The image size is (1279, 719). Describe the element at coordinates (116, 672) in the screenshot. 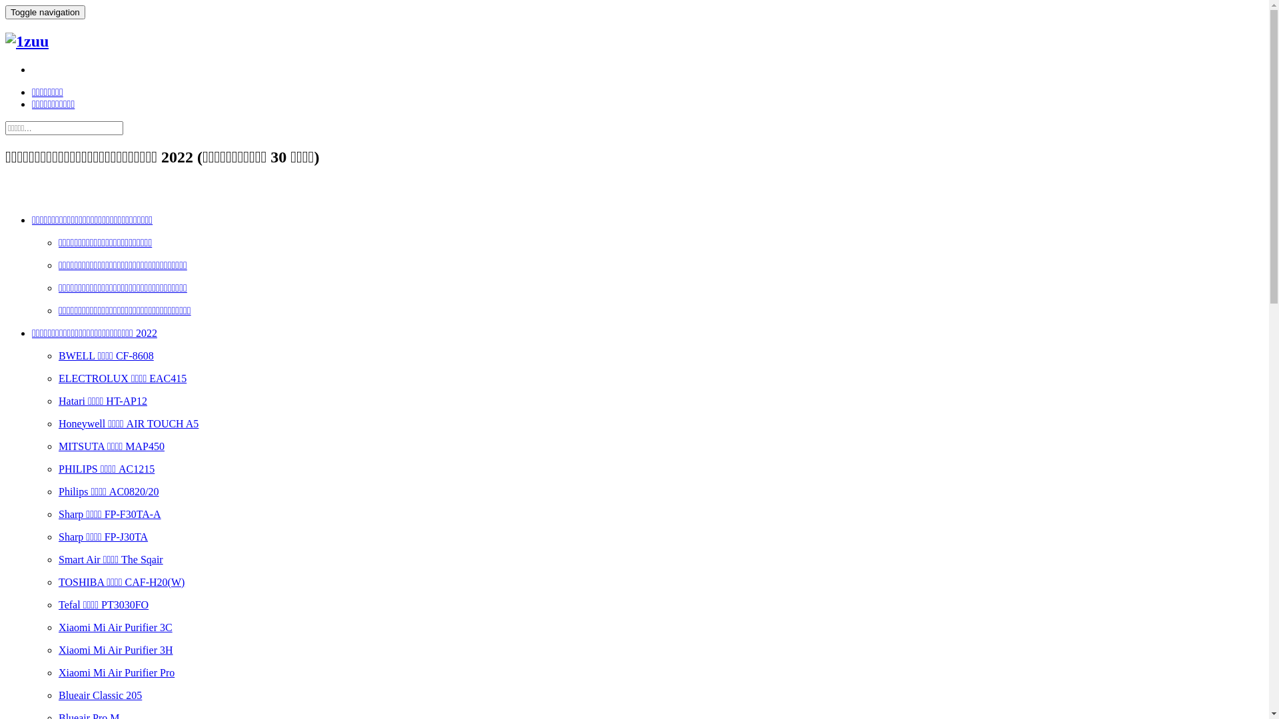

I see `'Xiaomi Mi Air Purifier Pro'` at that location.